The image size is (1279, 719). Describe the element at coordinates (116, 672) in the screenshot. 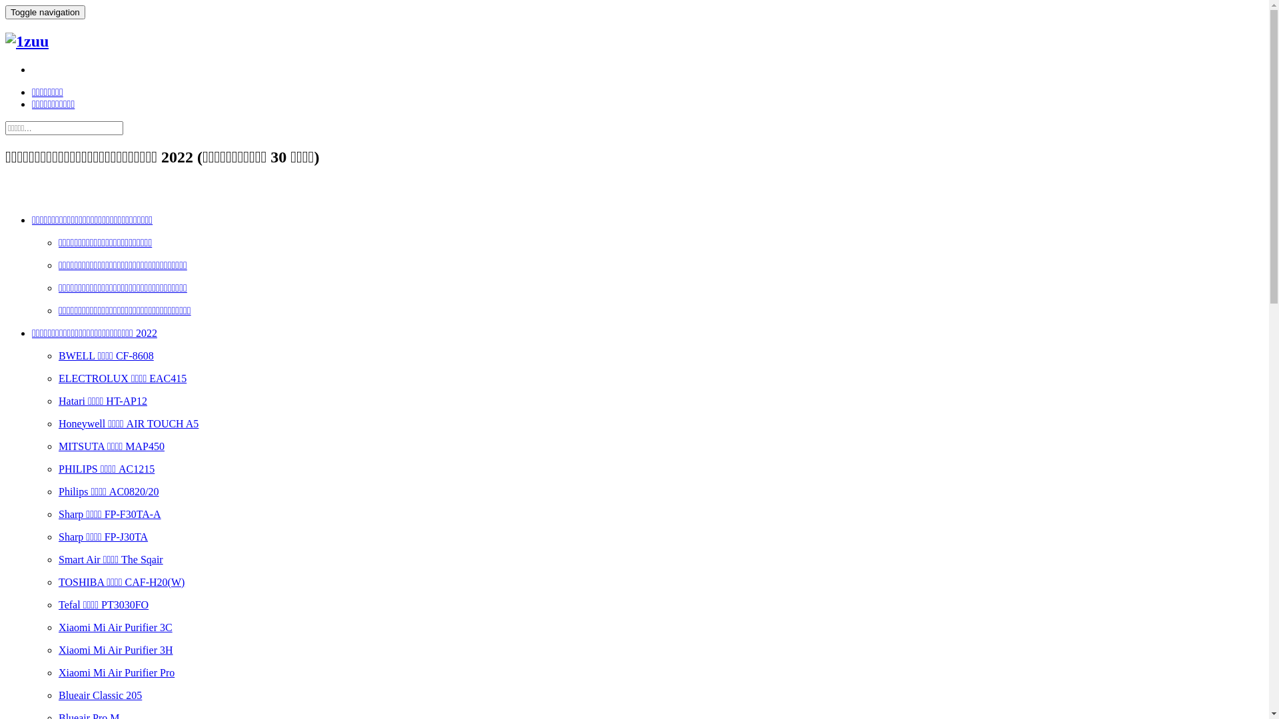

I see `'Xiaomi Mi Air Purifier Pro'` at that location.